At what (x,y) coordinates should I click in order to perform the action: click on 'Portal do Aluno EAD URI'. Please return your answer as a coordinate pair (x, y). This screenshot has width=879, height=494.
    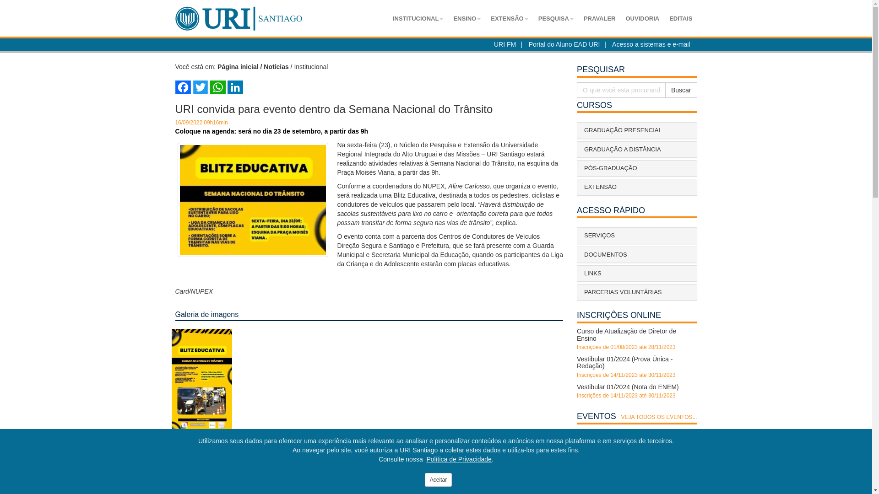
    Looking at the image, I should click on (564, 44).